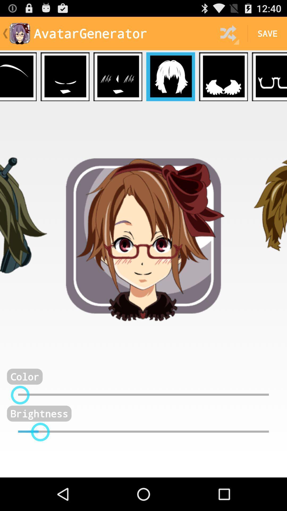  Describe the element at coordinates (223, 76) in the screenshot. I see `open 5th funtion in game` at that location.